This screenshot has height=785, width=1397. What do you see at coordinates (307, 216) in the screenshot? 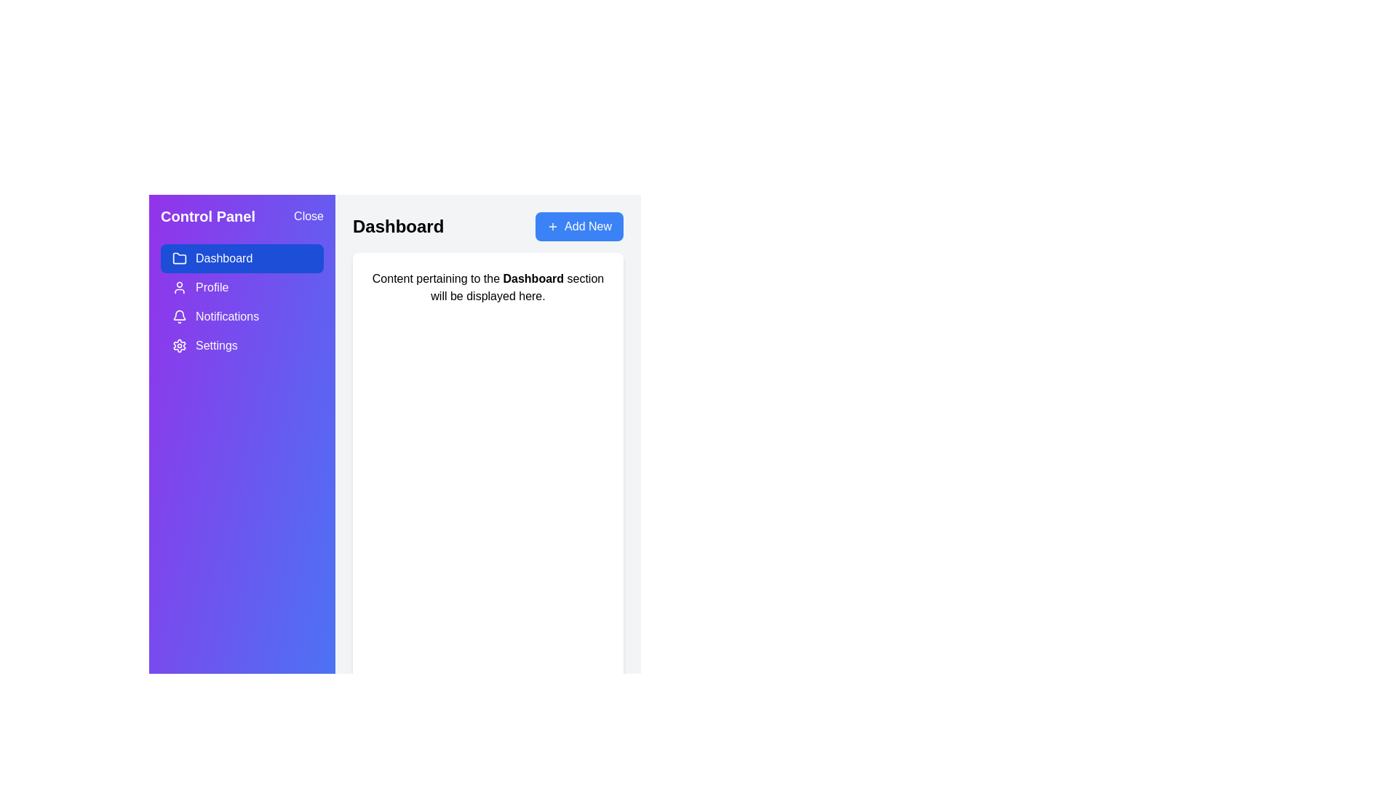
I see `'Close' button to close the drawer panel` at bounding box center [307, 216].